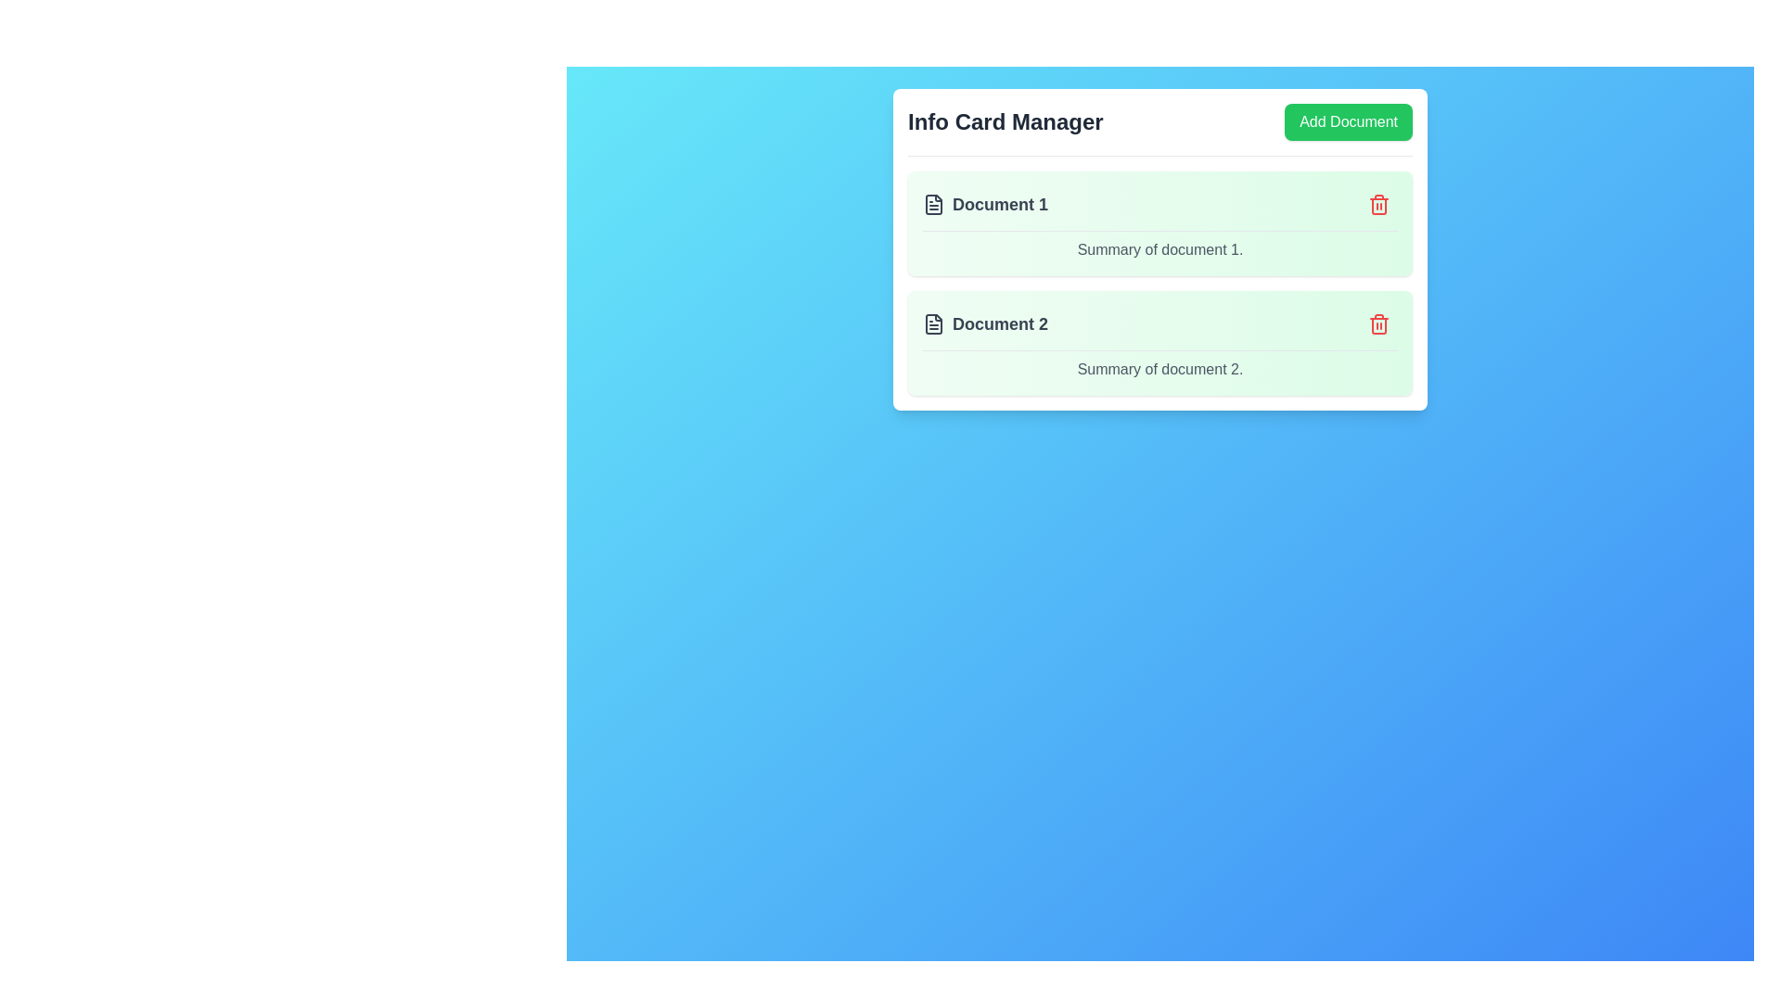  I want to click on the document management card UI element located centrally in the interface to read the document summaries, so click(1160, 248).